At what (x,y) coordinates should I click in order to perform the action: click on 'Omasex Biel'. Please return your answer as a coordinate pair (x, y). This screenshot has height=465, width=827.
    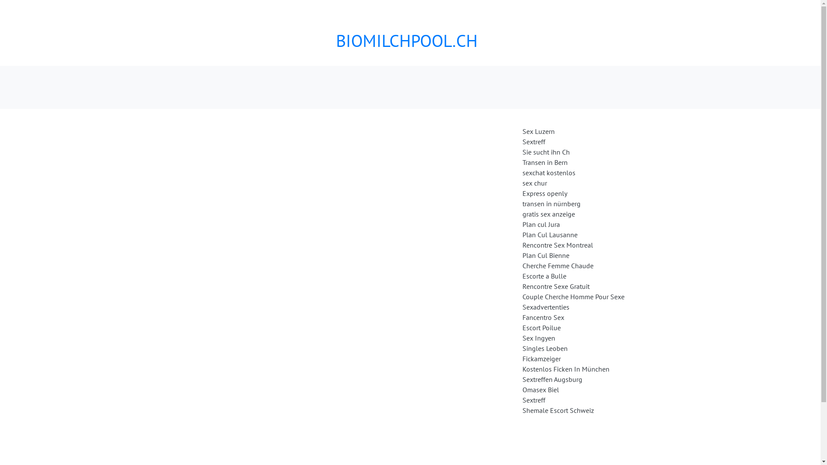
    Looking at the image, I should click on (540, 390).